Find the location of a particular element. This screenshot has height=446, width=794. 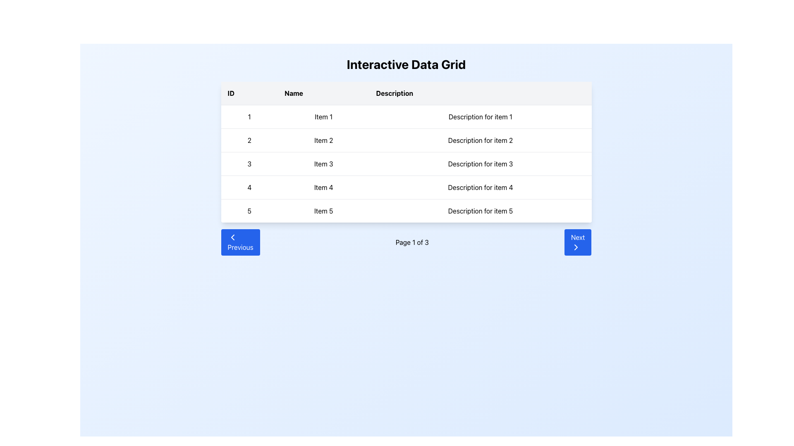

the chevron icon within the 'Previous' button, which indicates moving to the previous set of data in the grid is located at coordinates (232, 237).